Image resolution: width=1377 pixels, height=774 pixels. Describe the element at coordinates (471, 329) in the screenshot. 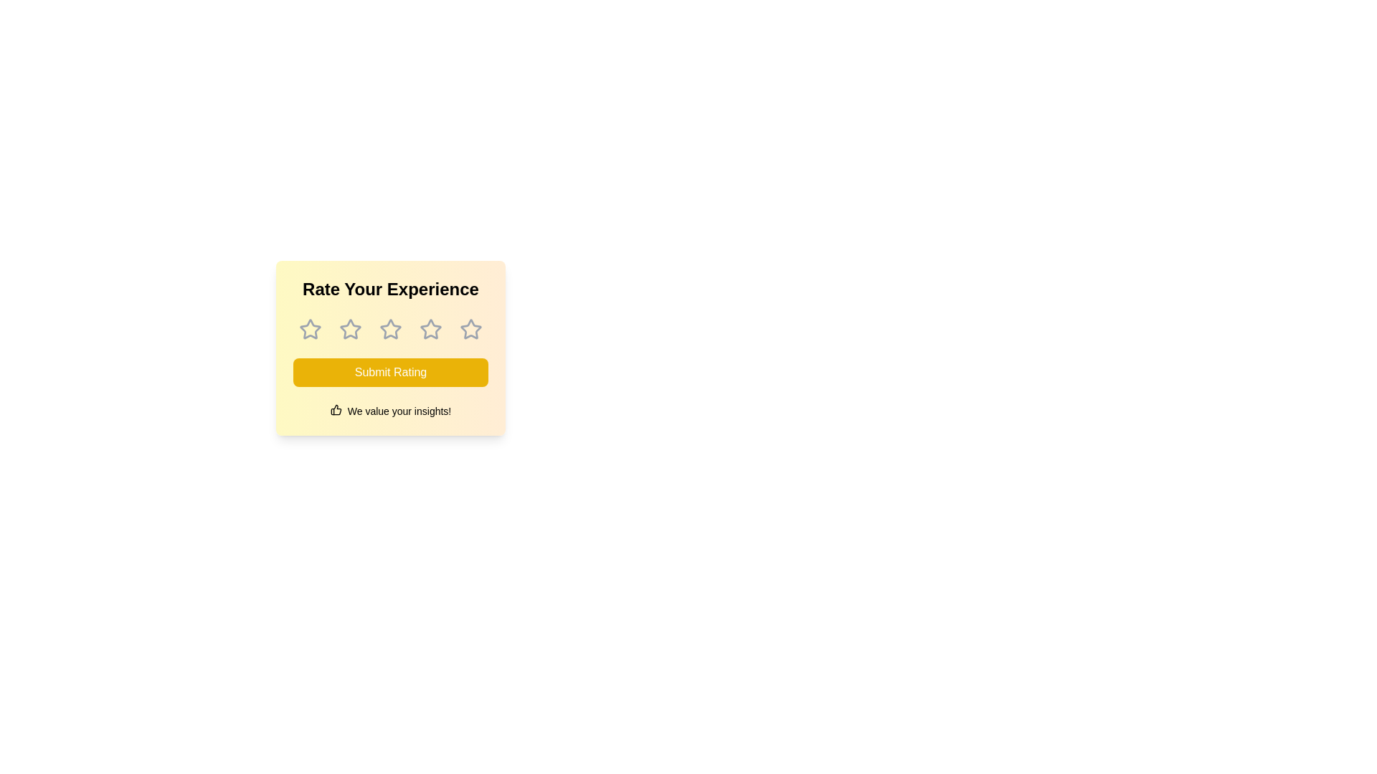

I see `the fifth star icon in the rating control interface` at that location.